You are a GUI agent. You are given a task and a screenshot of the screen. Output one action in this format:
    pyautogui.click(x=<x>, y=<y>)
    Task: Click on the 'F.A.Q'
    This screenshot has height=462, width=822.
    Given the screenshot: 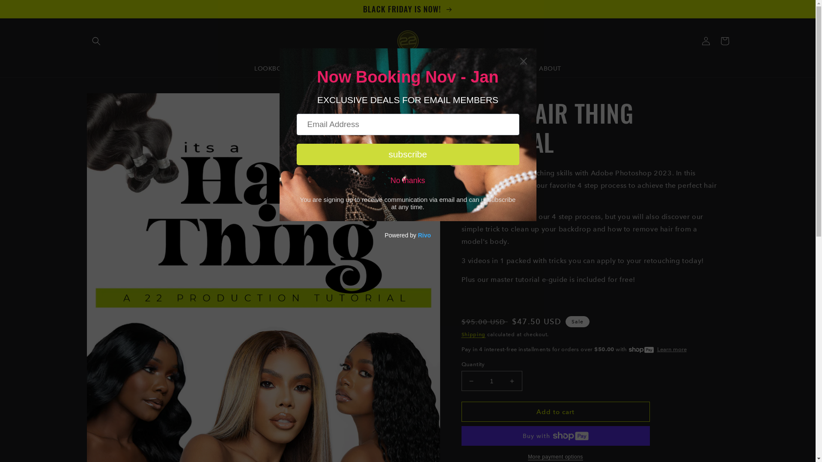 What is the action you would take?
    pyautogui.click(x=479, y=68)
    